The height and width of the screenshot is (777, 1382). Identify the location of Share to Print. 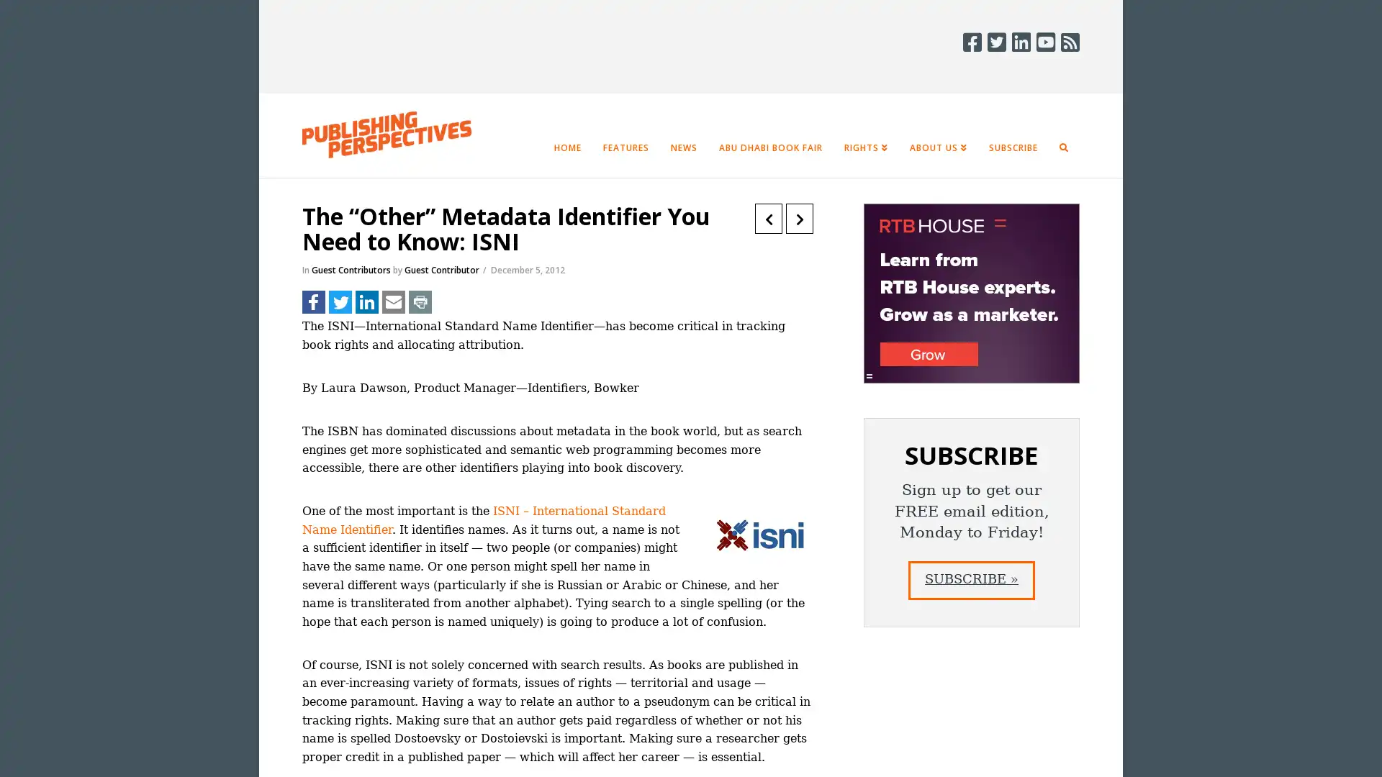
(420, 301).